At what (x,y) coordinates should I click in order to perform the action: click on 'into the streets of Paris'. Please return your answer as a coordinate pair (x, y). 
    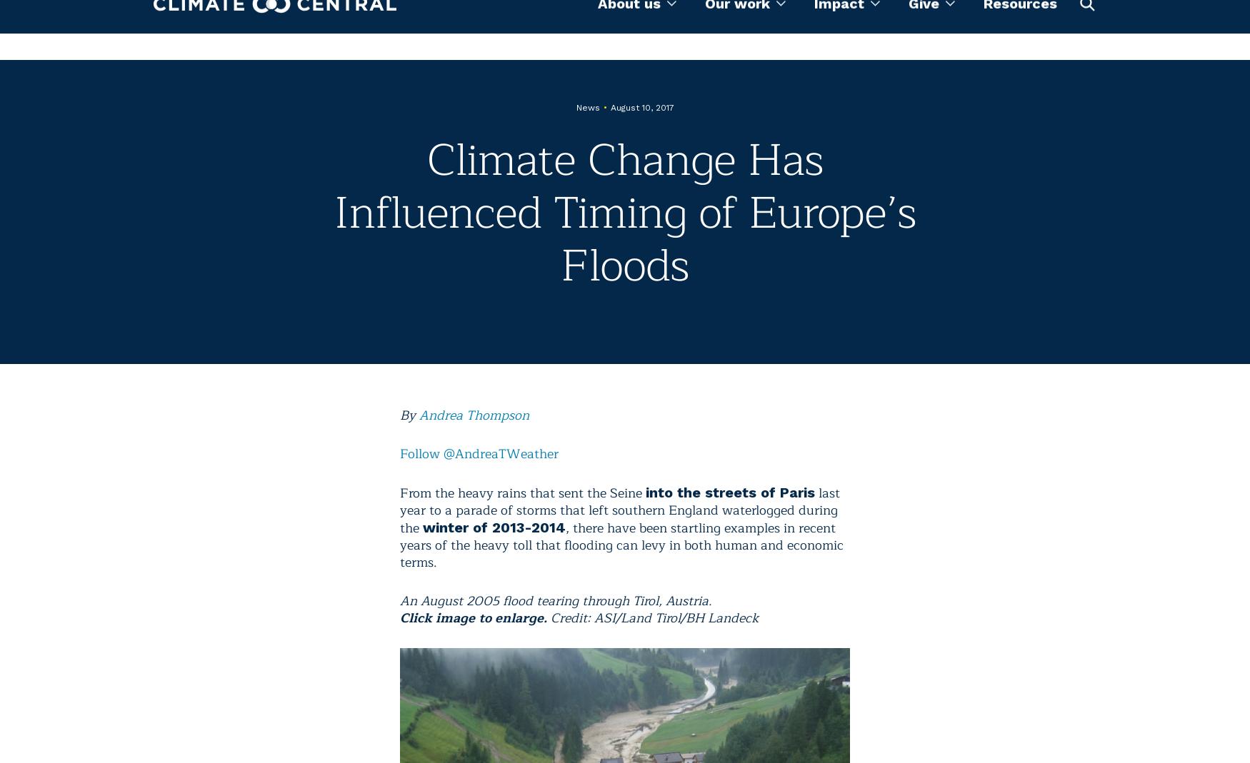
    Looking at the image, I should click on (645, 492).